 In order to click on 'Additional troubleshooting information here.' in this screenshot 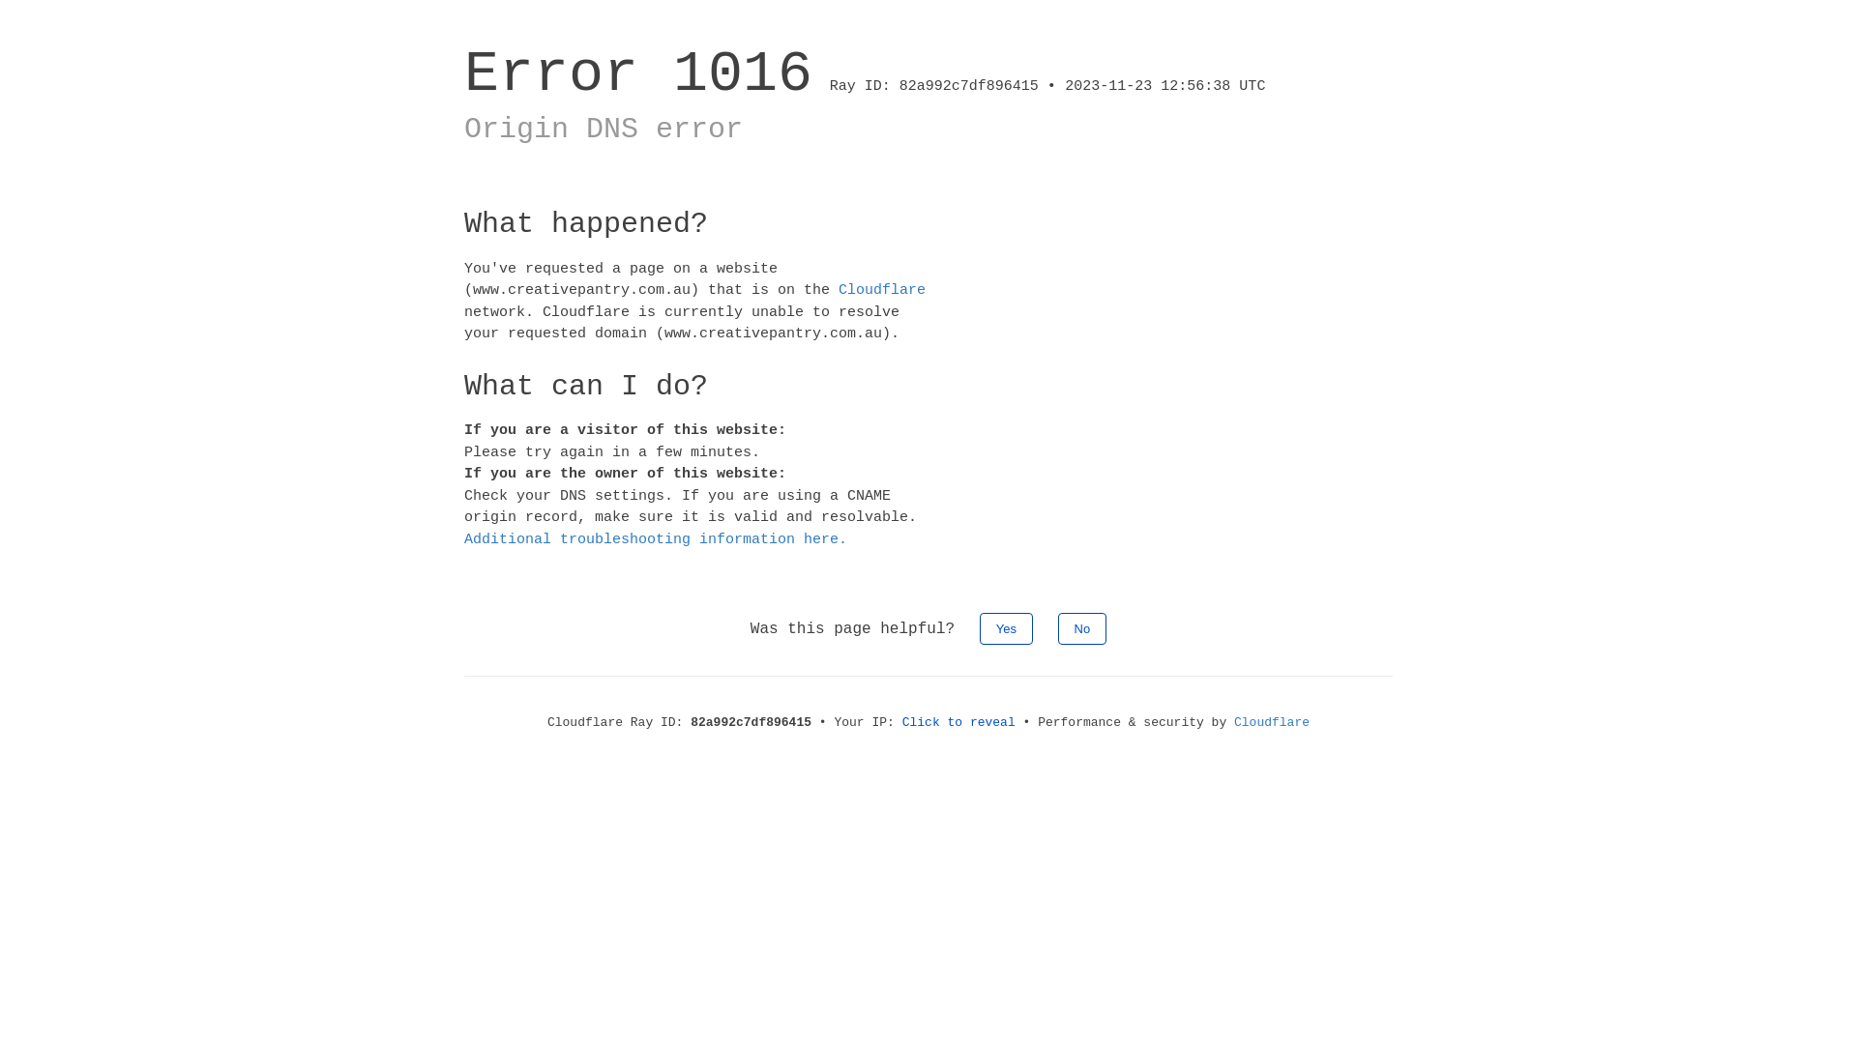, I will do `click(655, 539)`.